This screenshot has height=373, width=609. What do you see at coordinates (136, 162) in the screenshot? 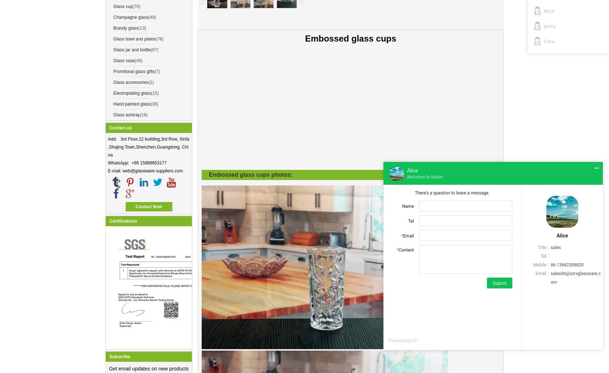
I see `'WhatsApp:  +86 15889653177'` at bounding box center [136, 162].